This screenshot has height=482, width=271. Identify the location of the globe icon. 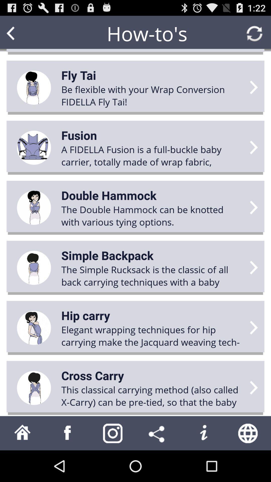
(248, 463).